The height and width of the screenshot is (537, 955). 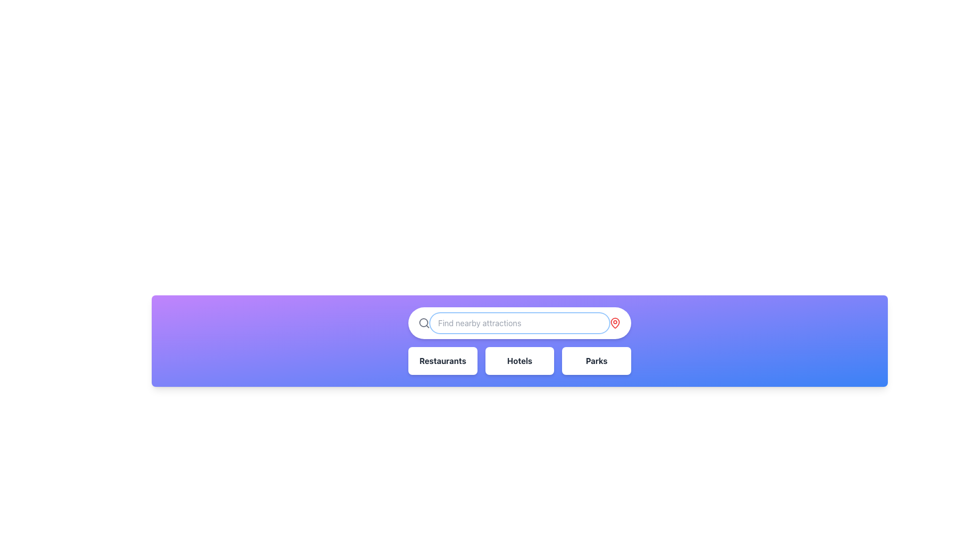 What do you see at coordinates (442, 360) in the screenshot?
I see `the leftmost rectangular white button with rounded corners labeled 'Restaurants'` at bounding box center [442, 360].